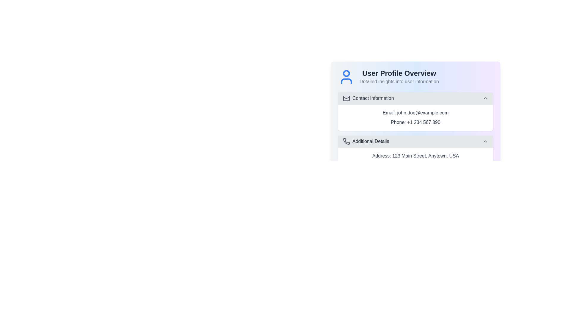 Image resolution: width=571 pixels, height=321 pixels. I want to click on the torso part of the user figure in the SVG graphic element, which visually represents the user profile section located in the top-left section of the layout, above the 'User Profile Overview' text, so click(346, 81).